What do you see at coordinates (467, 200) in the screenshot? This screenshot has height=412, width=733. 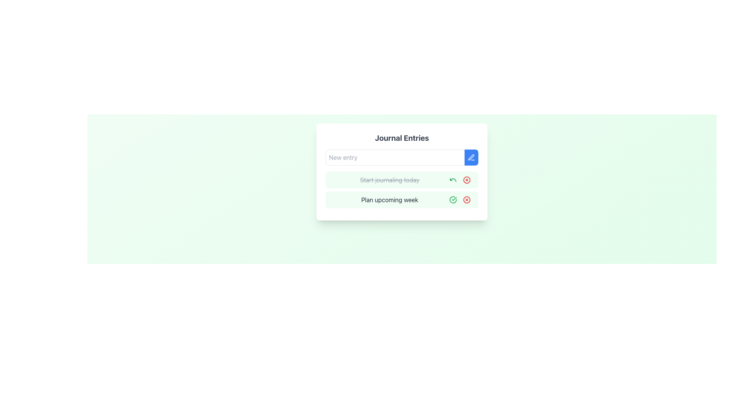 I see `the delete button located in the second row of the Journal Entries list, which is the second icon immediately to the right of the green circular checkmarked icon` at bounding box center [467, 200].